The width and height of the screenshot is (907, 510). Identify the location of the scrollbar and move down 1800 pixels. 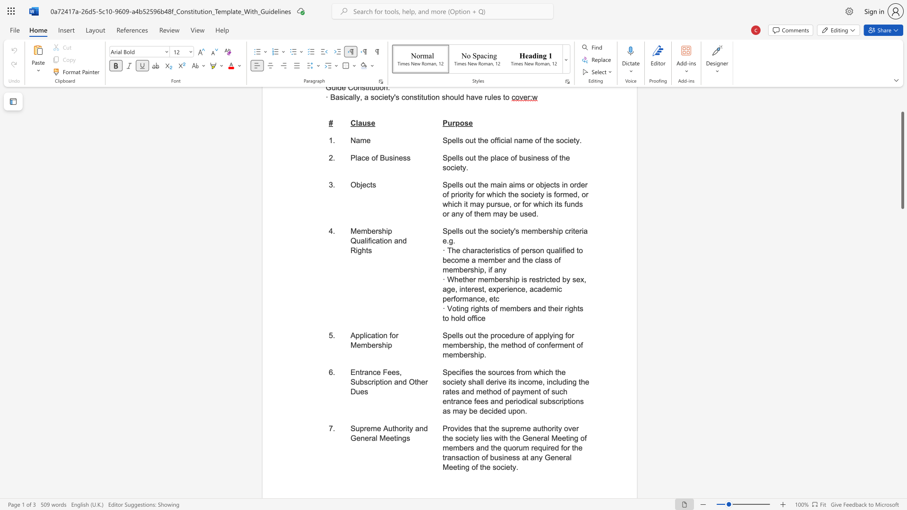
(902, 160).